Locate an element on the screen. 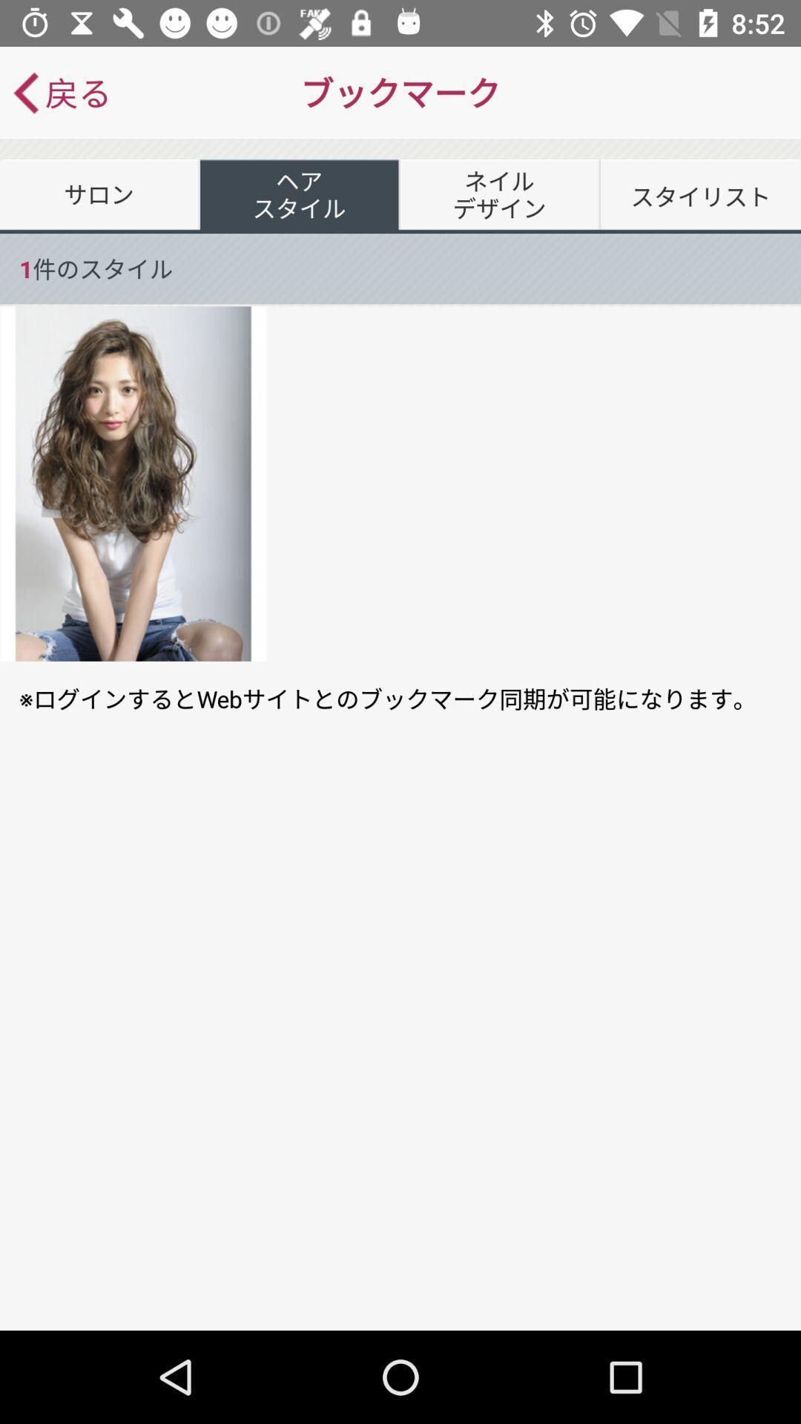 This screenshot has width=801, height=1424. the icon on the left is located at coordinates (133, 484).